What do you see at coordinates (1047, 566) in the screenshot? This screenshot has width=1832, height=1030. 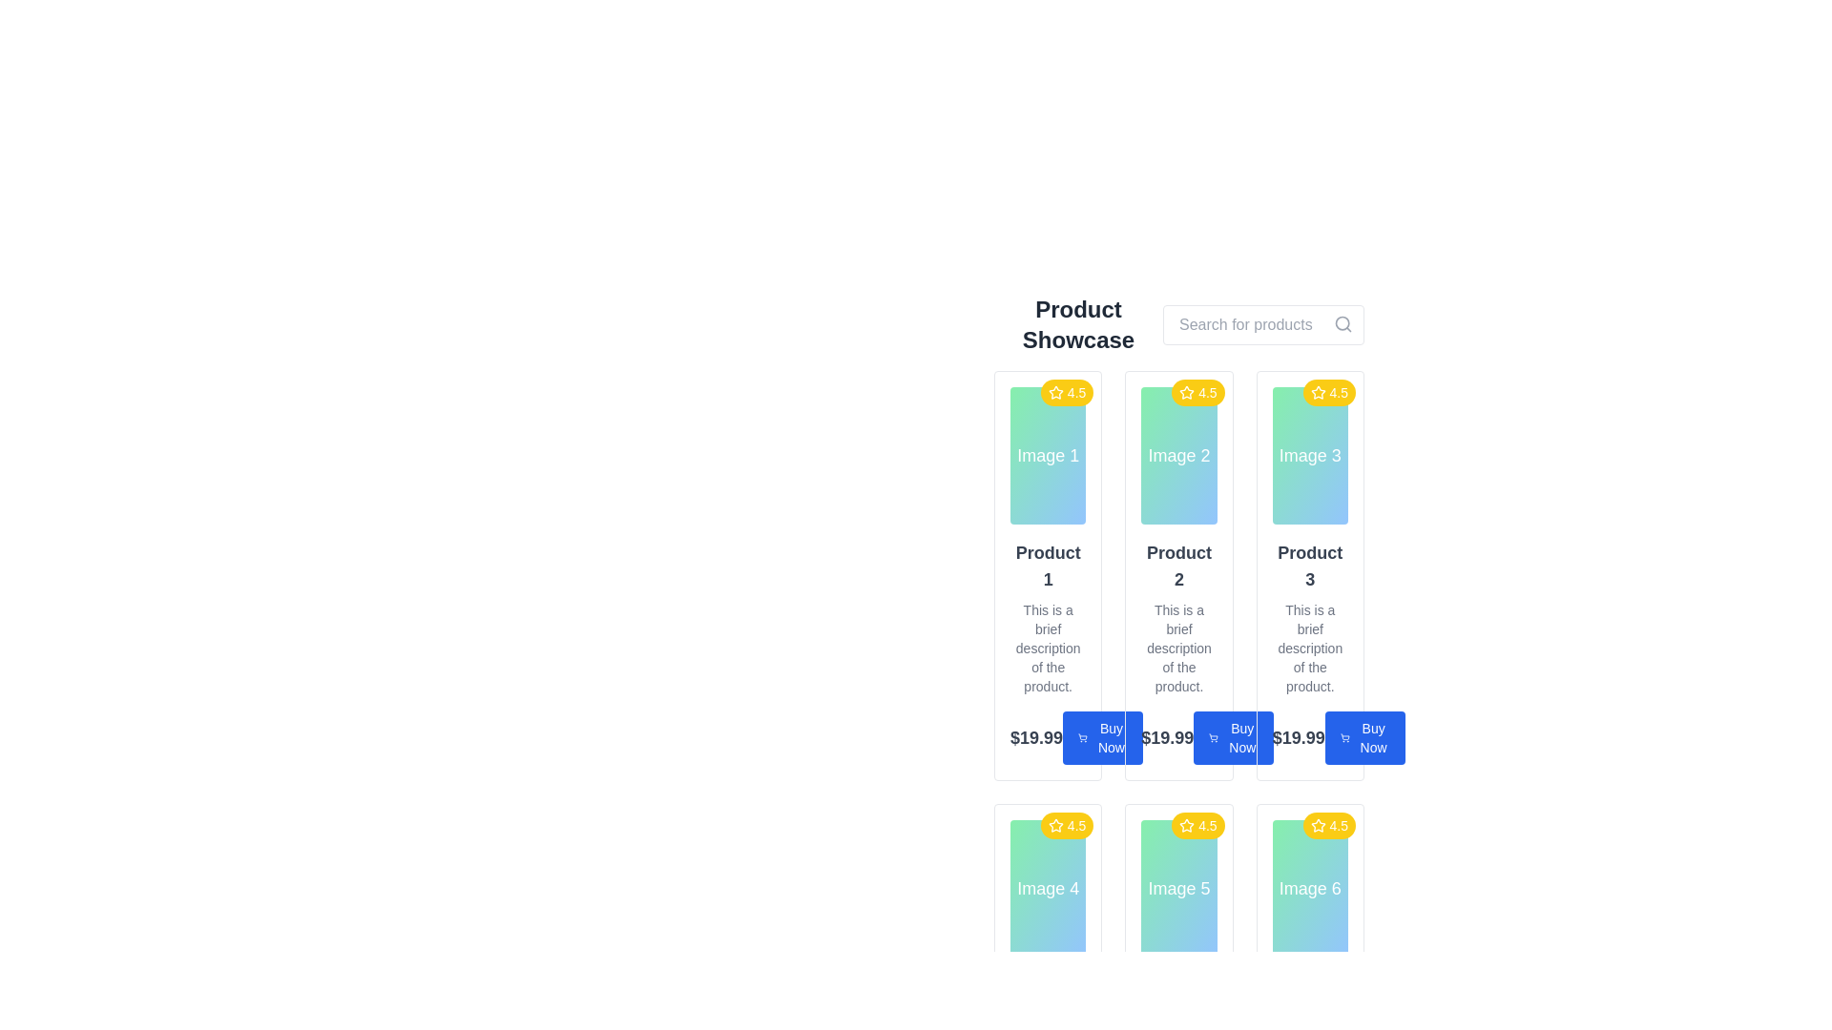 I see `the text label displaying 'Product 1', which is styled with a larger font size, bold text, and gray color, located at the center of the top row of a grid of product listings` at bounding box center [1047, 566].